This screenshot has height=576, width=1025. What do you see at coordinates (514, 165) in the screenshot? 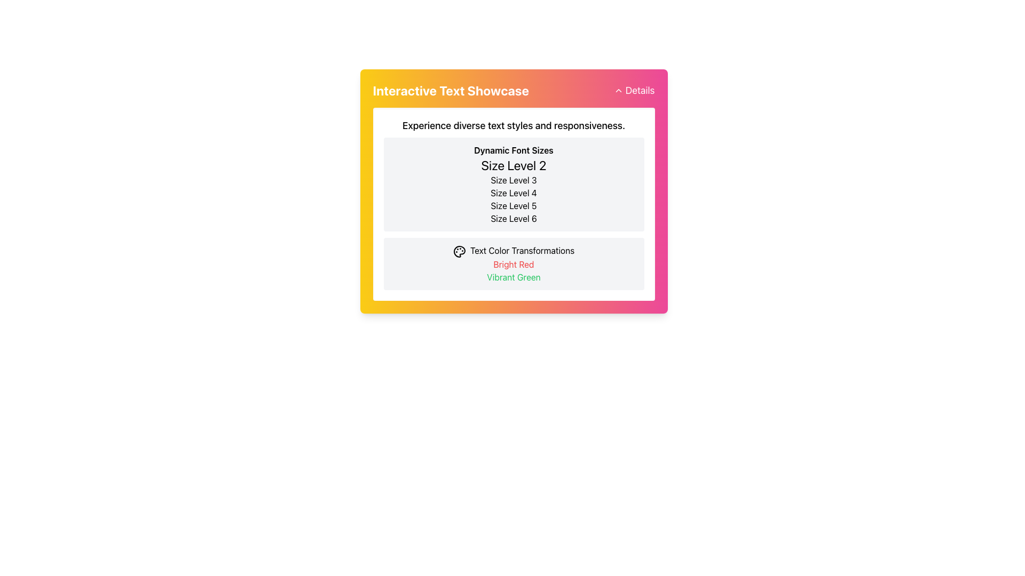
I see `the text label displaying 'Size Level 2', which is located beneath the heading 'Dynamic Font Sizes' and above 'Size Level 3'` at bounding box center [514, 165].